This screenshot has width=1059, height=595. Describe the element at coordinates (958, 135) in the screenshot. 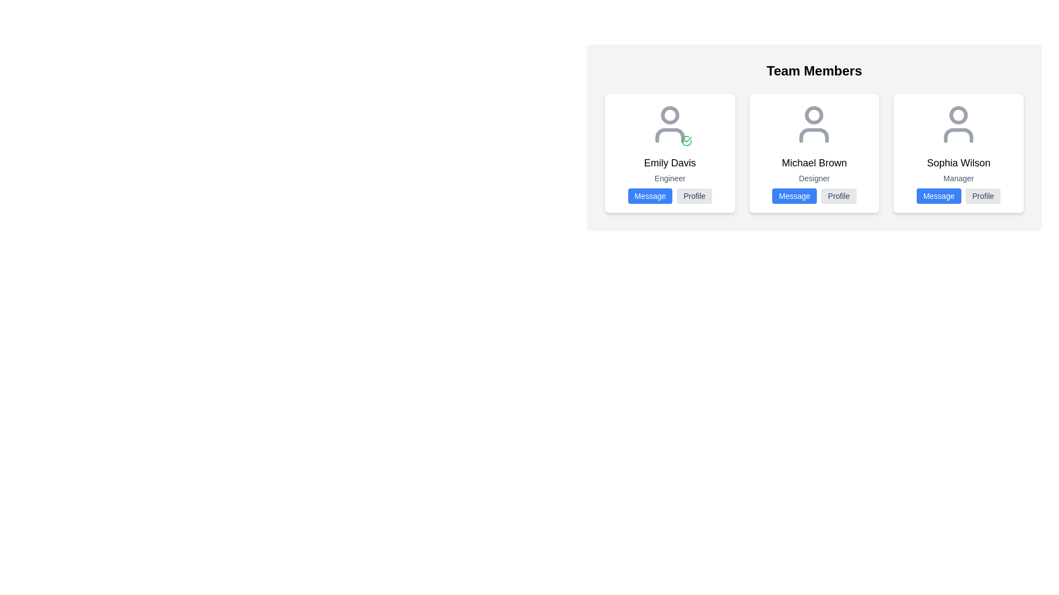

I see `lower portion of the silhouette icon representing 'Sophia Wilson' in the team members section` at that location.